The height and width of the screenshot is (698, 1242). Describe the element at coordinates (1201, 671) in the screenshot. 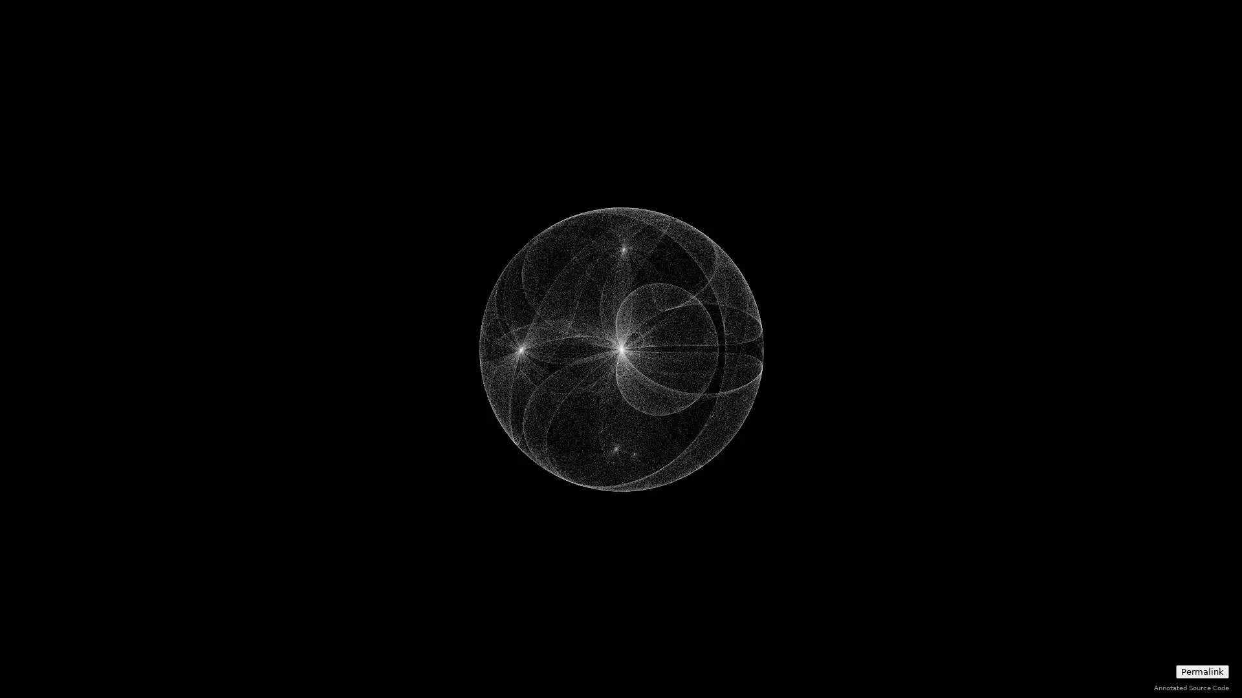

I see `Permalink` at that location.